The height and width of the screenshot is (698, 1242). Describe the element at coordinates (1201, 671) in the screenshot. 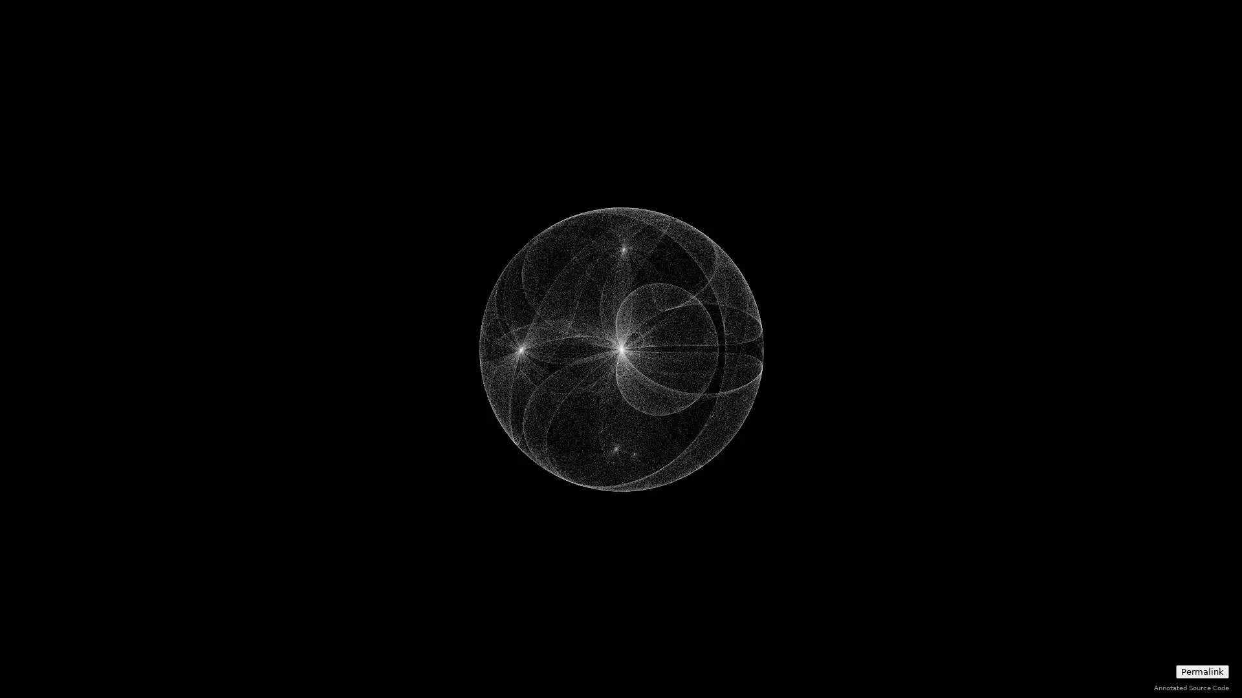

I see `Permalink` at that location.